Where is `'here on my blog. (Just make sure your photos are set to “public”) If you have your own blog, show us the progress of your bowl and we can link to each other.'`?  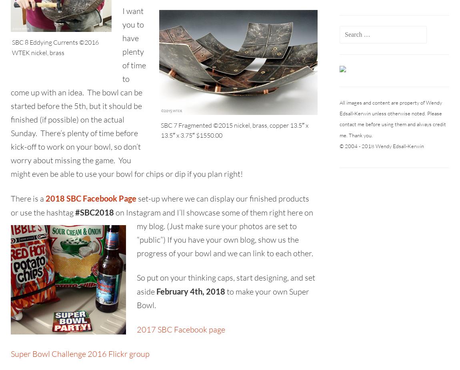 'here on my blog. (Just make sure your photos are set to “public”) If you have your own blog, show us the progress of your bowl and we can link to each other.' is located at coordinates (137, 233).